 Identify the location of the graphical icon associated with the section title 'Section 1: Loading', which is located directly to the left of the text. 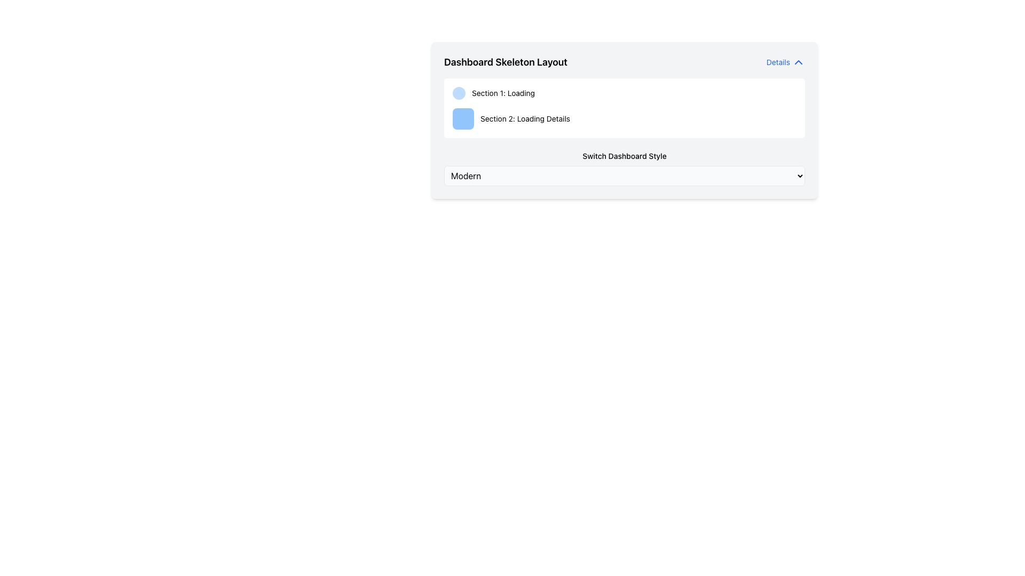
(459, 92).